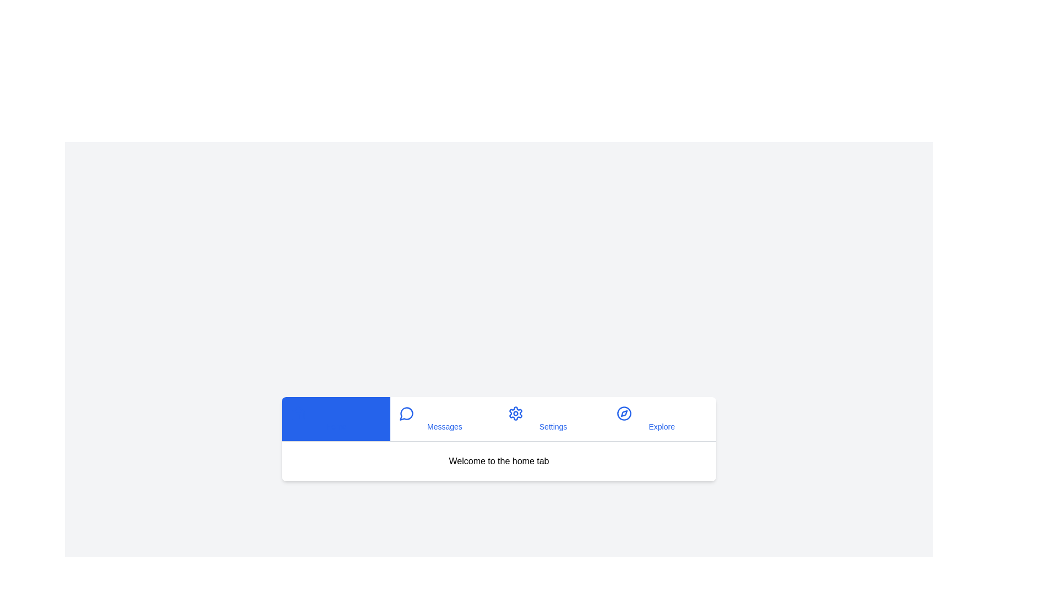 This screenshot has width=1057, height=594. What do you see at coordinates (444, 419) in the screenshot?
I see `the tab labeled Messages by clicking its button` at bounding box center [444, 419].